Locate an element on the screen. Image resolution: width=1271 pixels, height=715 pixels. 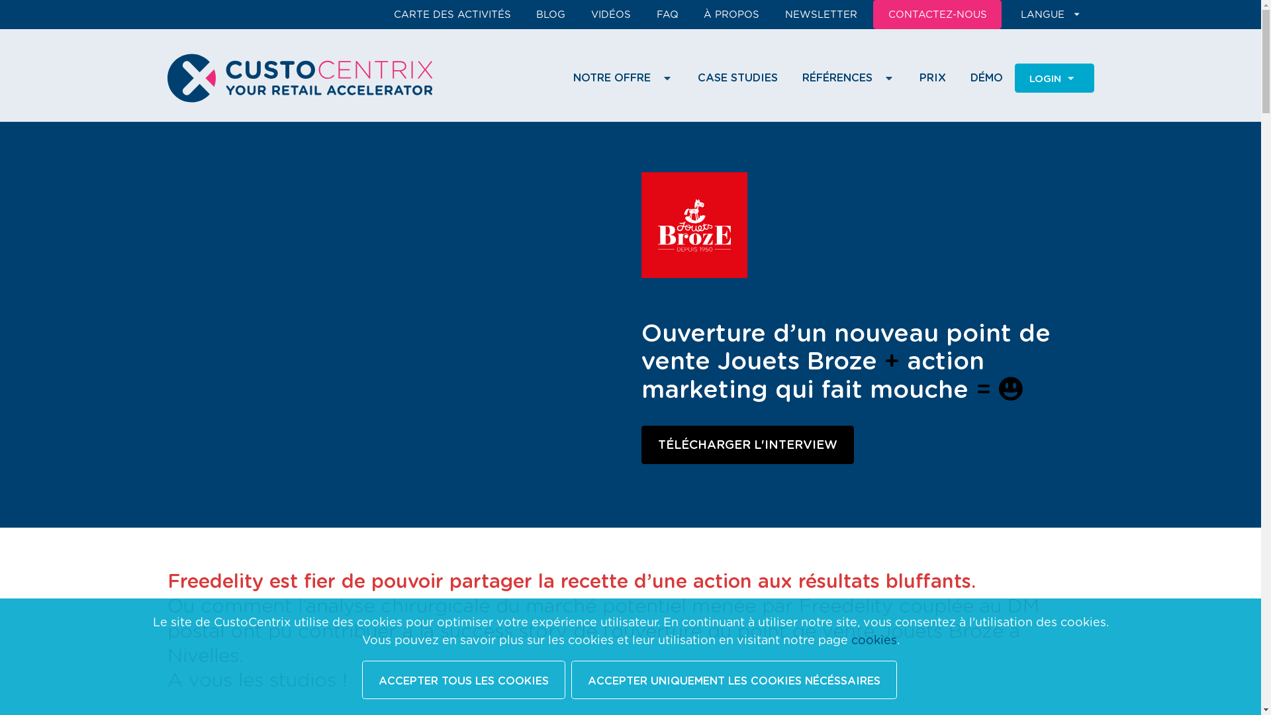
'FAQ' is located at coordinates (647, 15).